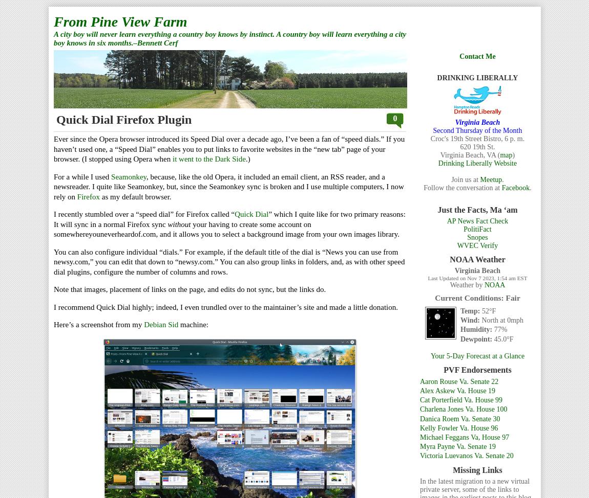 The height and width of the screenshot is (498, 589). What do you see at coordinates (515, 188) in the screenshot?
I see `'Facebook'` at bounding box center [515, 188].